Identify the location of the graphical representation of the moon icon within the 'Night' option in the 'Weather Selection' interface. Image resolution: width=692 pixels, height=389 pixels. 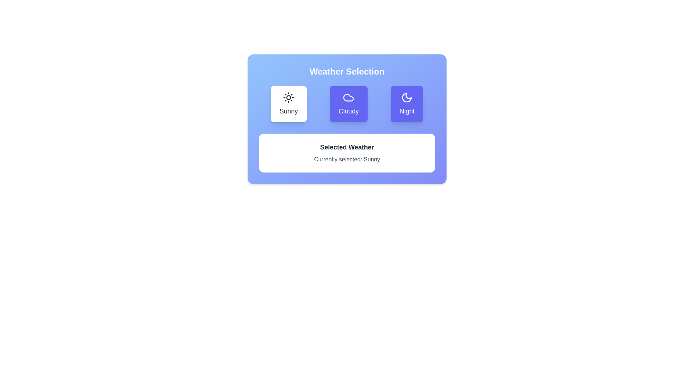
(407, 97).